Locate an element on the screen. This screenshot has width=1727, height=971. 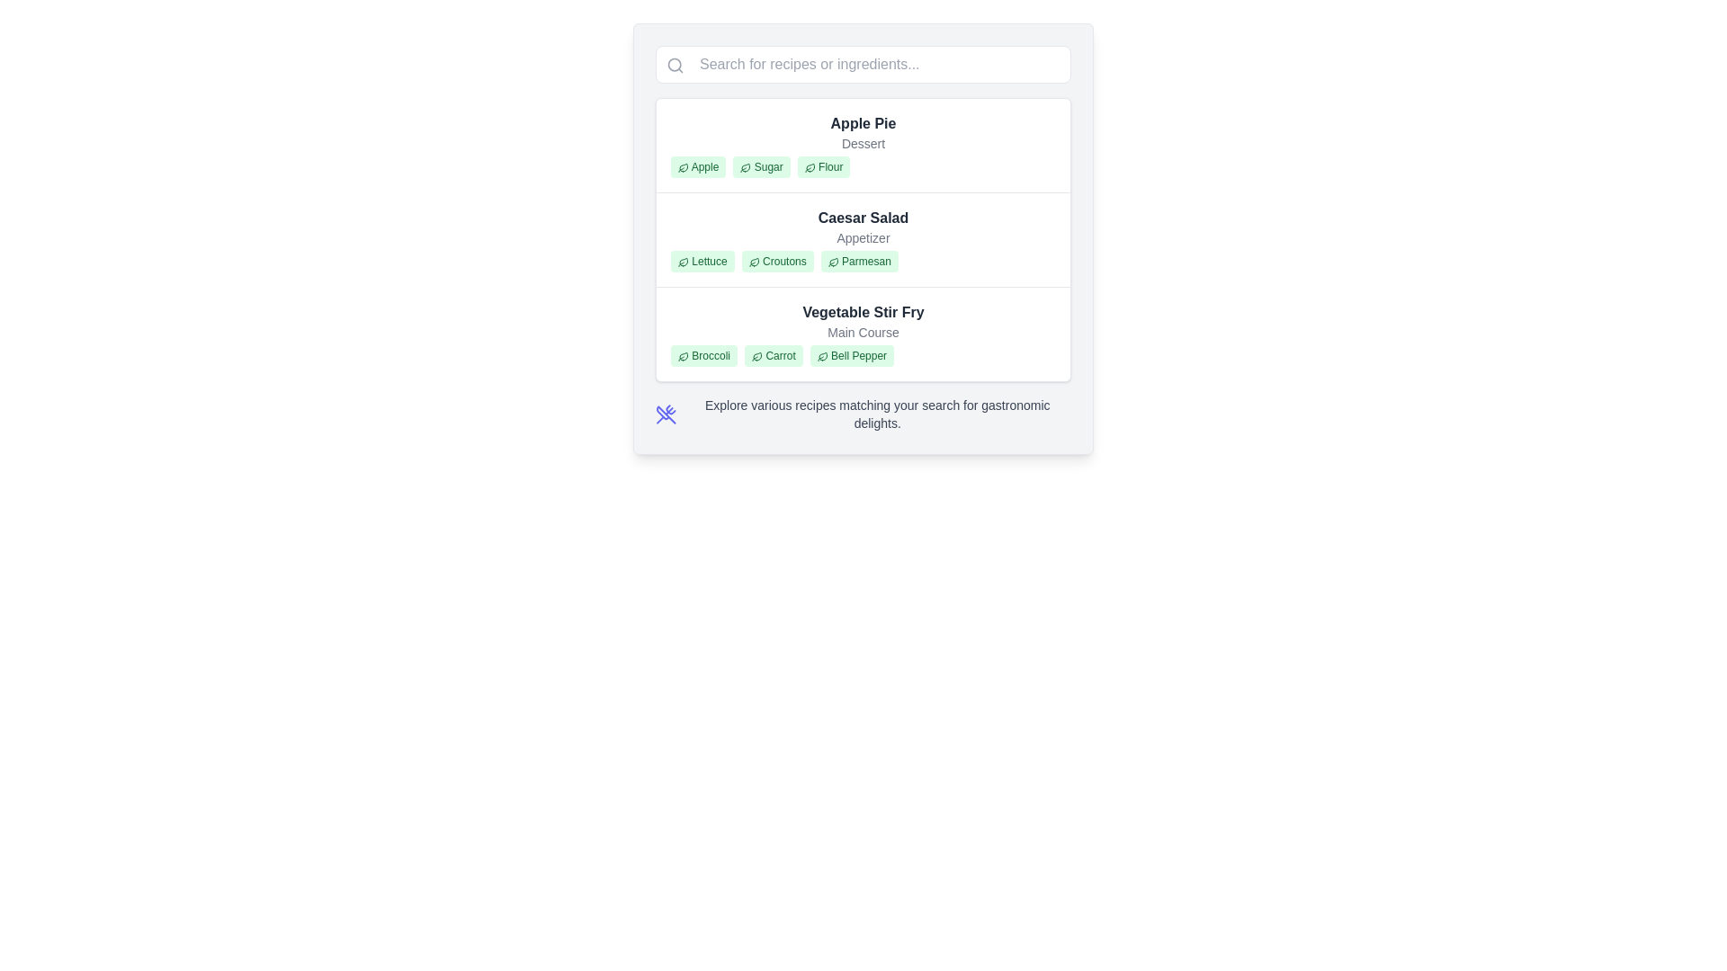
the decorative circular icon that is part of the search icon, positioned near the top-left corner of the interface is located at coordinates (674, 64).